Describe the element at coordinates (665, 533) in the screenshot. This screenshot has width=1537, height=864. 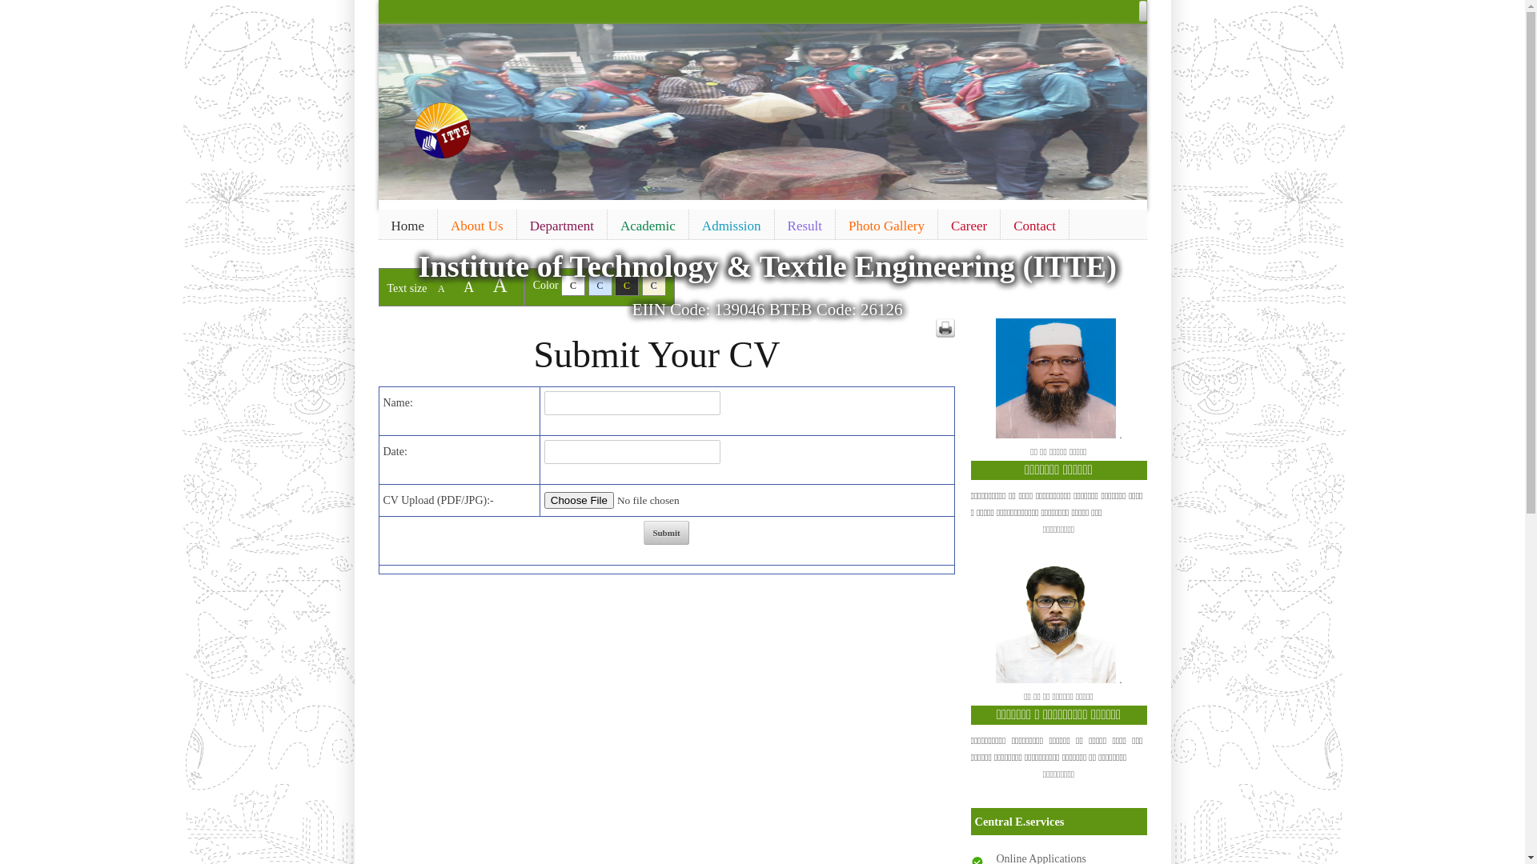
I see `'Submit'` at that location.